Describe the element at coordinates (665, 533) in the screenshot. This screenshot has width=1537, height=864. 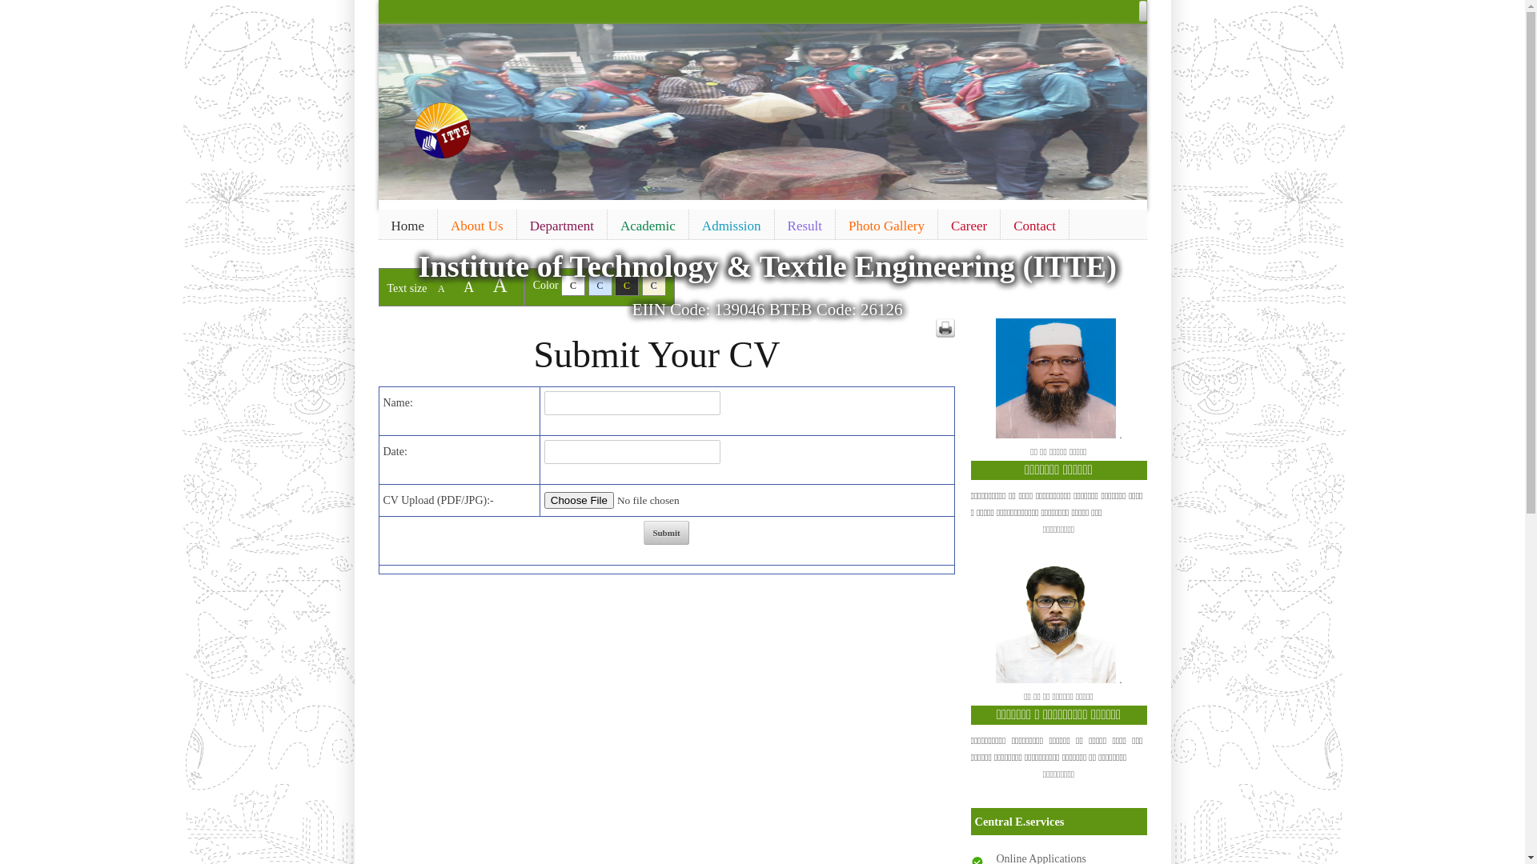
I see `'Submit'` at that location.